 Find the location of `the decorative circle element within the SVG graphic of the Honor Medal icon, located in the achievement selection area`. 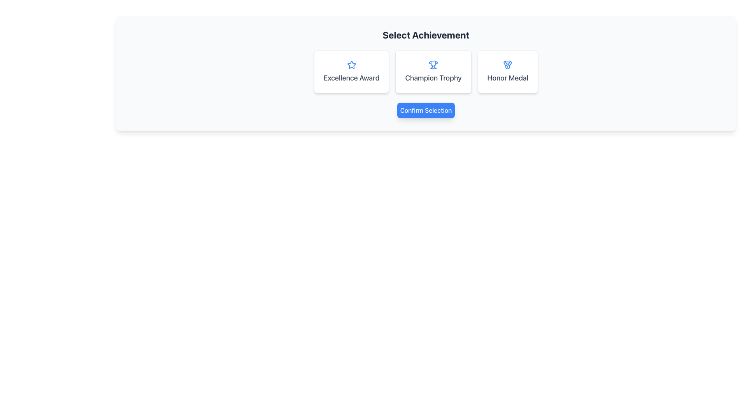

the decorative circle element within the SVG graphic of the Honor Medal icon, located in the achievement selection area is located at coordinates (508, 66).